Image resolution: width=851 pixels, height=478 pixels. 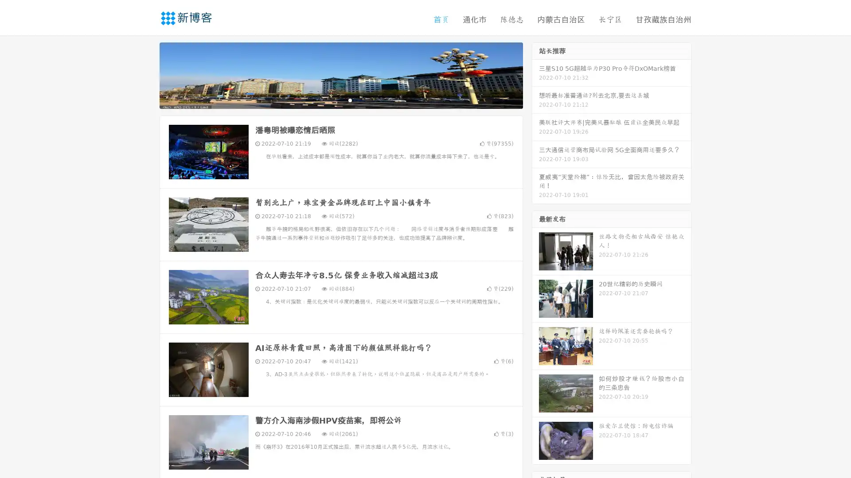 What do you see at coordinates (332, 100) in the screenshot?
I see `Go to slide 1` at bounding box center [332, 100].